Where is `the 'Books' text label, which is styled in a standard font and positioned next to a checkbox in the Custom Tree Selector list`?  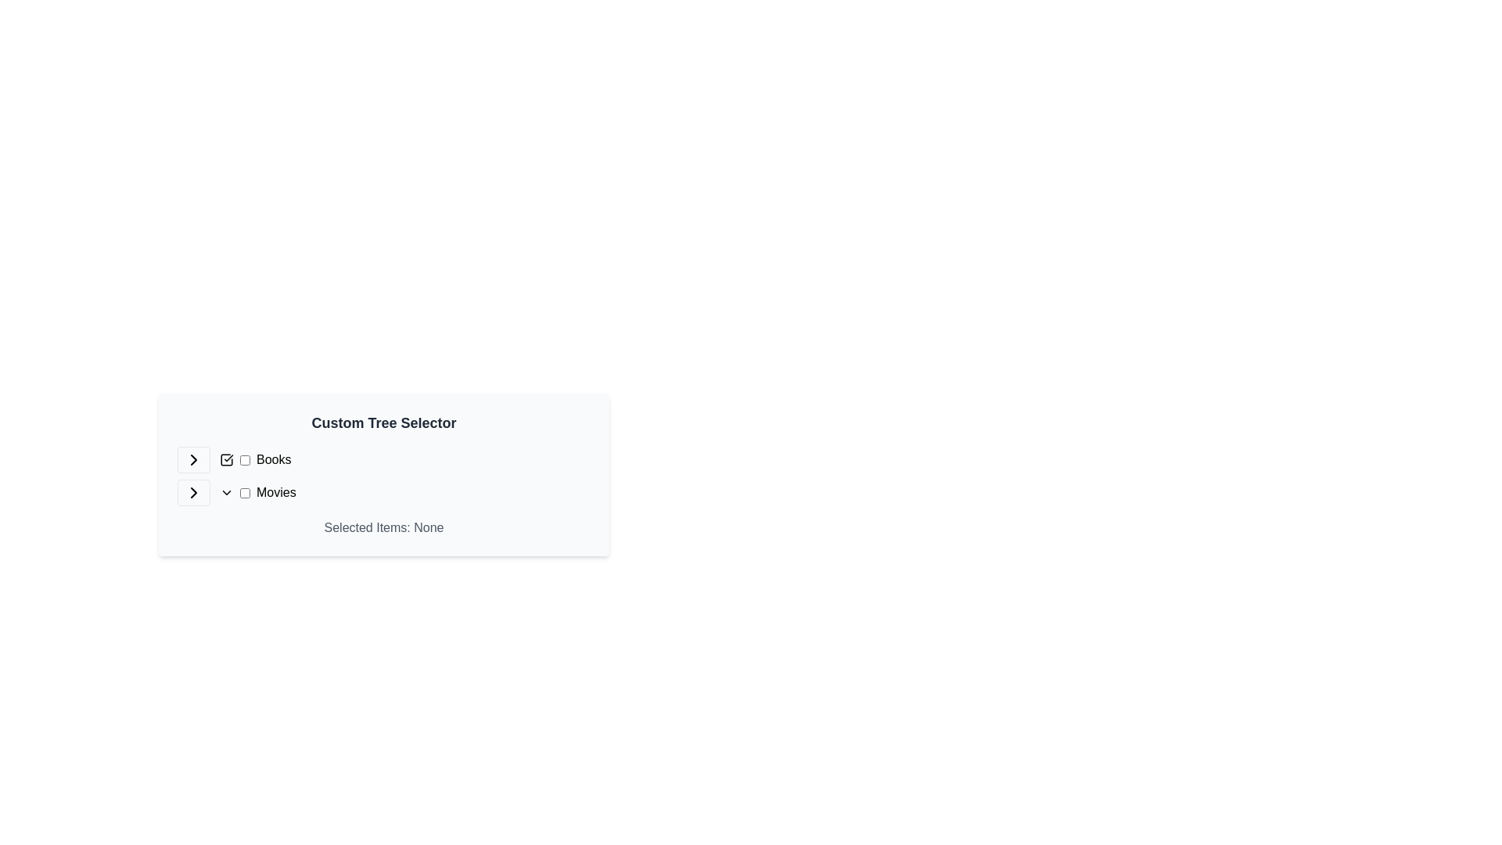 the 'Books' text label, which is styled in a standard font and positioned next to a checkbox in the Custom Tree Selector list is located at coordinates (255, 458).